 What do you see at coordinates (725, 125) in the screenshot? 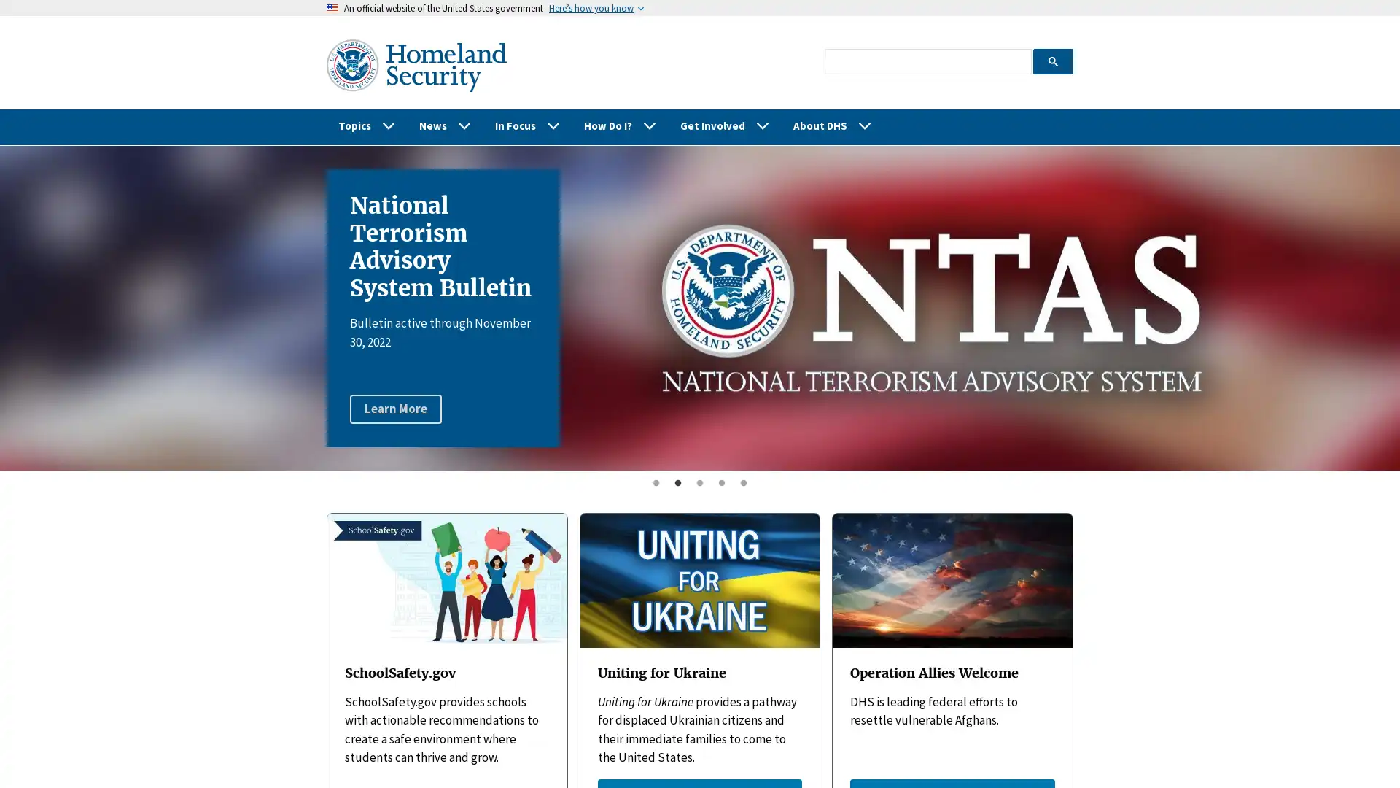
I see `Get Involved` at bounding box center [725, 125].